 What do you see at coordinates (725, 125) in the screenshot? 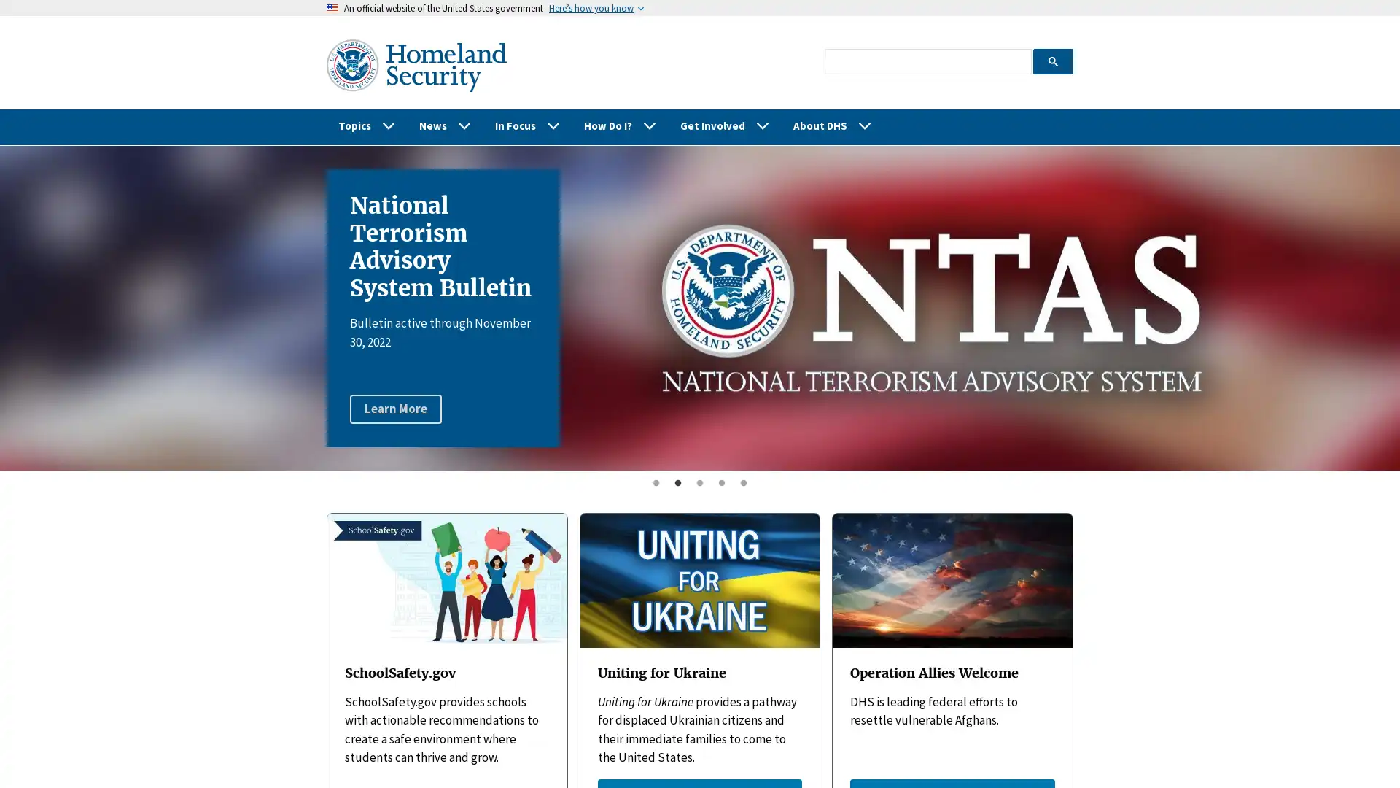
I see `Get Involved` at bounding box center [725, 125].